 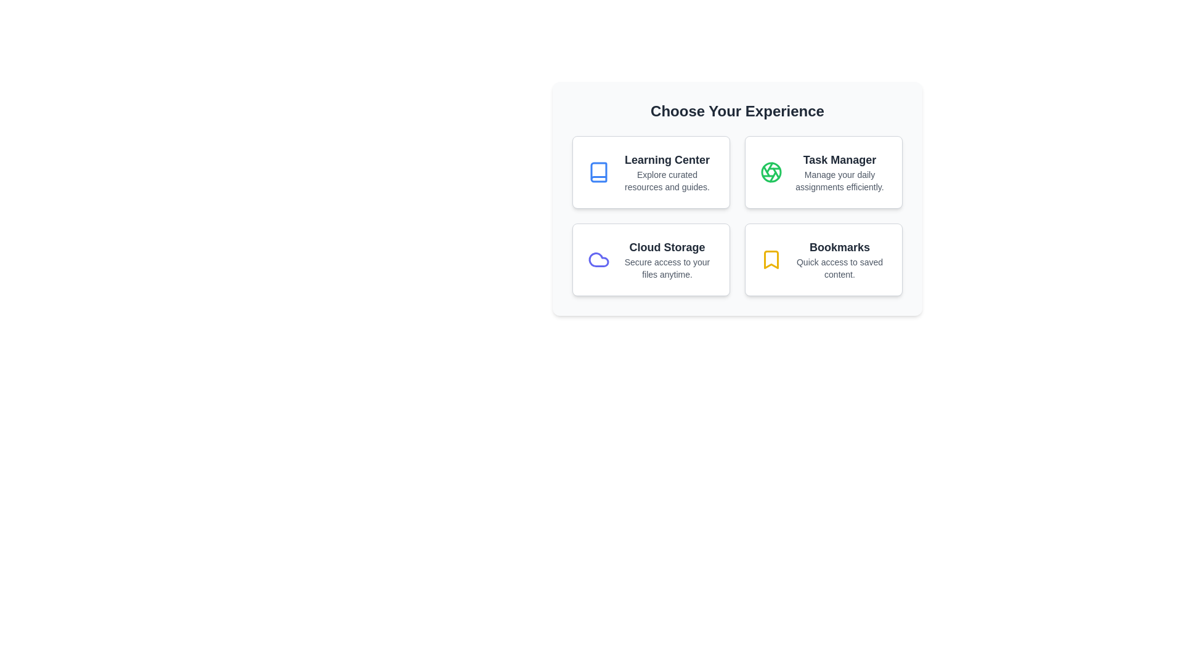 What do you see at coordinates (598, 172) in the screenshot?
I see `the book icon with a blue outline located within the 'Learning Center' card in the upper-left corner of the grid layout` at bounding box center [598, 172].